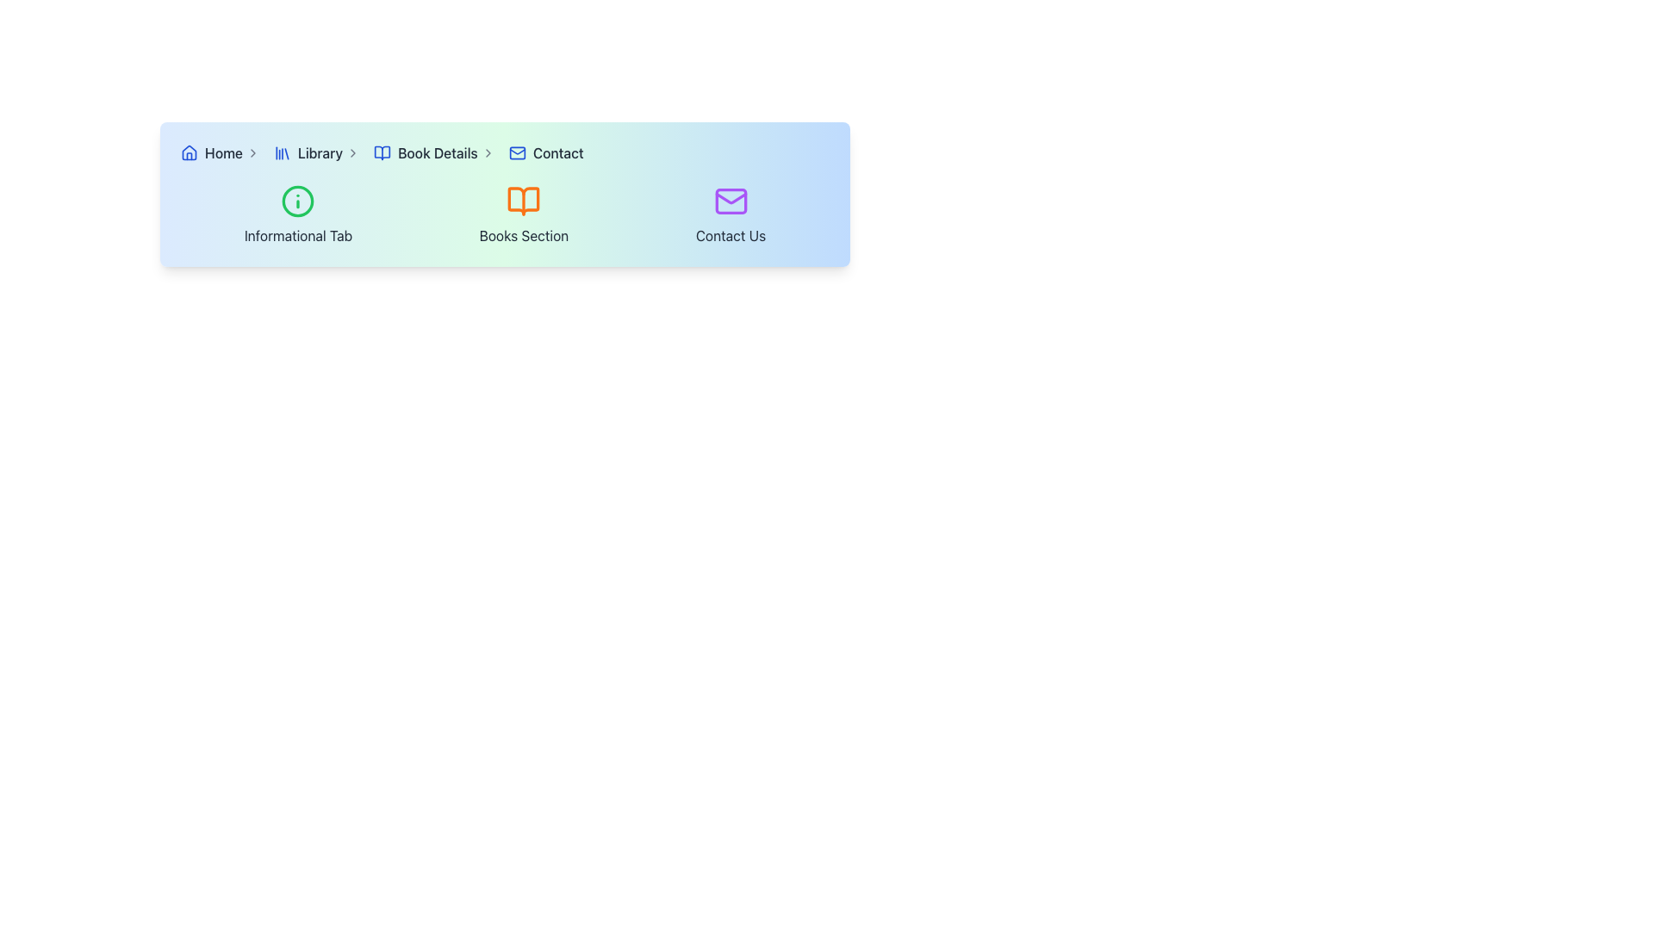  What do you see at coordinates (523, 201) in the screenshot?
I see `the orange book icon, which is a simplistic SVG graphic located between a green informational icon and a purple envelope icon` at bounding box center [523, 201].